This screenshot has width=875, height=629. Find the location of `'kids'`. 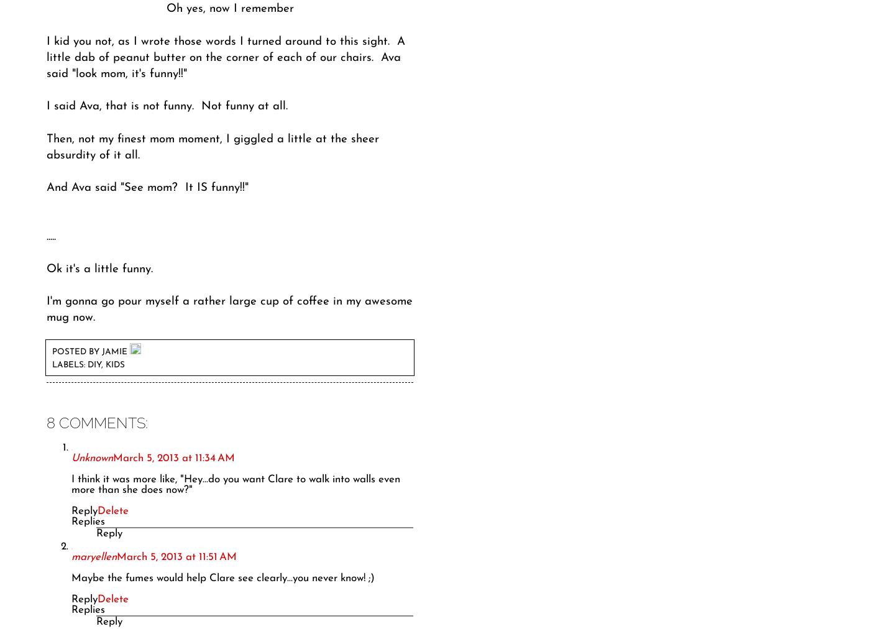

'kids' is located at coordinates (114, 364).